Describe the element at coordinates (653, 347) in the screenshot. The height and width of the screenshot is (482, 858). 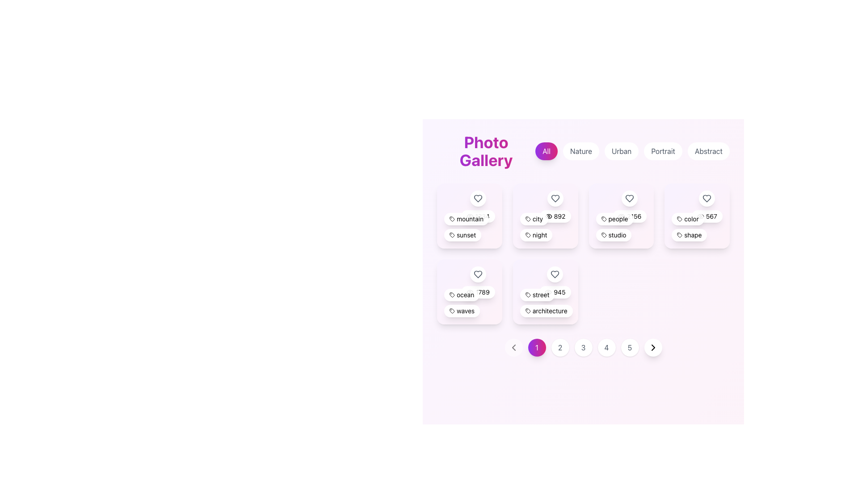
I see `the button at the far right of the pagination control` at that location.